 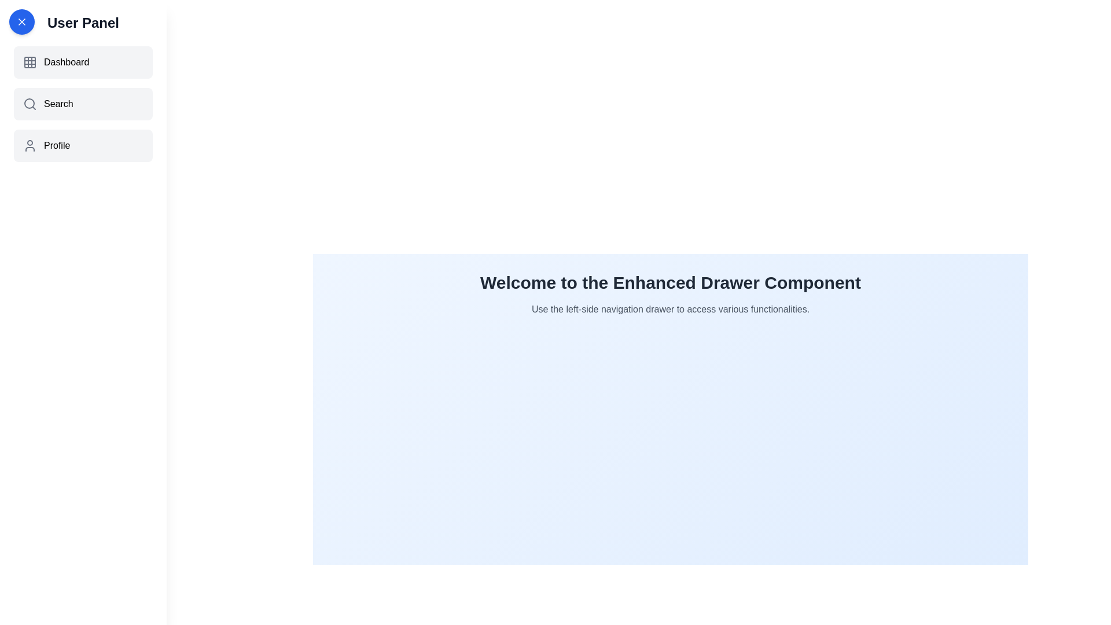 What do you see at coordinates (83, 104) in the screenshot?
I see `the second button in the vertical stack of the sidebar` at bounding box center [83, 104].